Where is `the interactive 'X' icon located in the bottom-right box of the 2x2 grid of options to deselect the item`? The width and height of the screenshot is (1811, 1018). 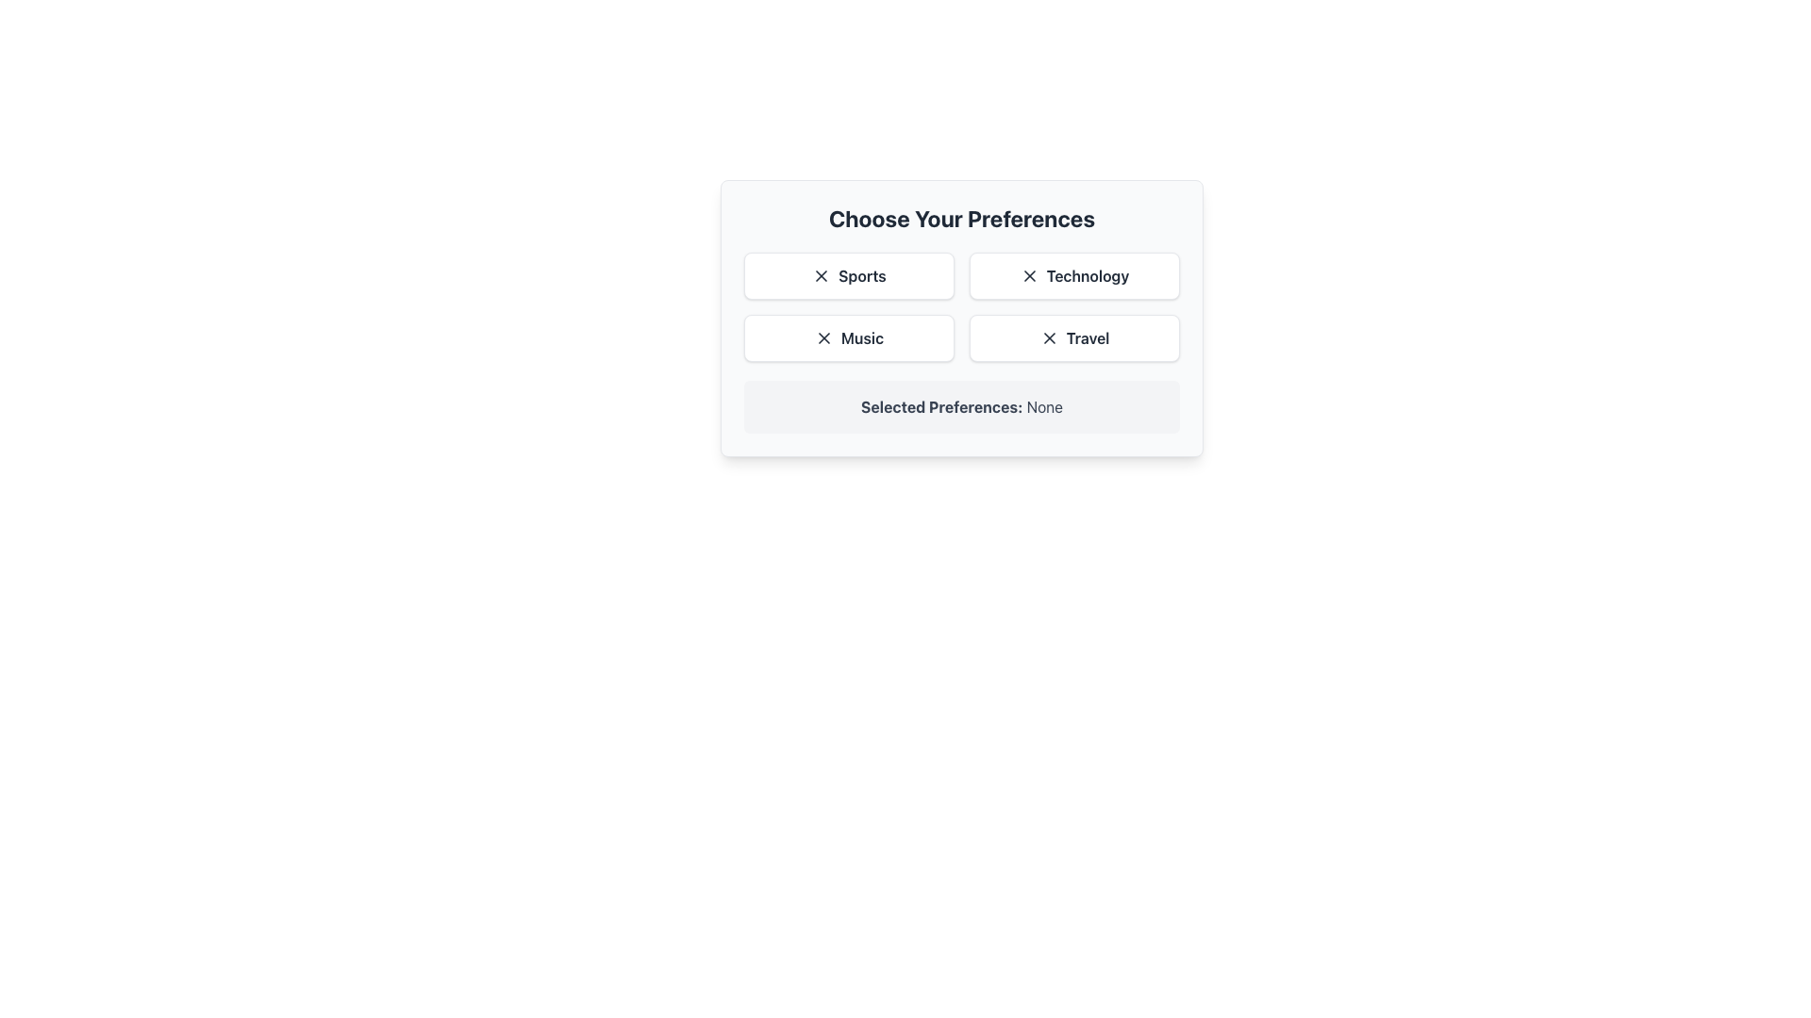 the interactive 'X' icon located in the bottom-right box of the 2x2 grid of options to deselect the item is located at coordinates (1048, 337).